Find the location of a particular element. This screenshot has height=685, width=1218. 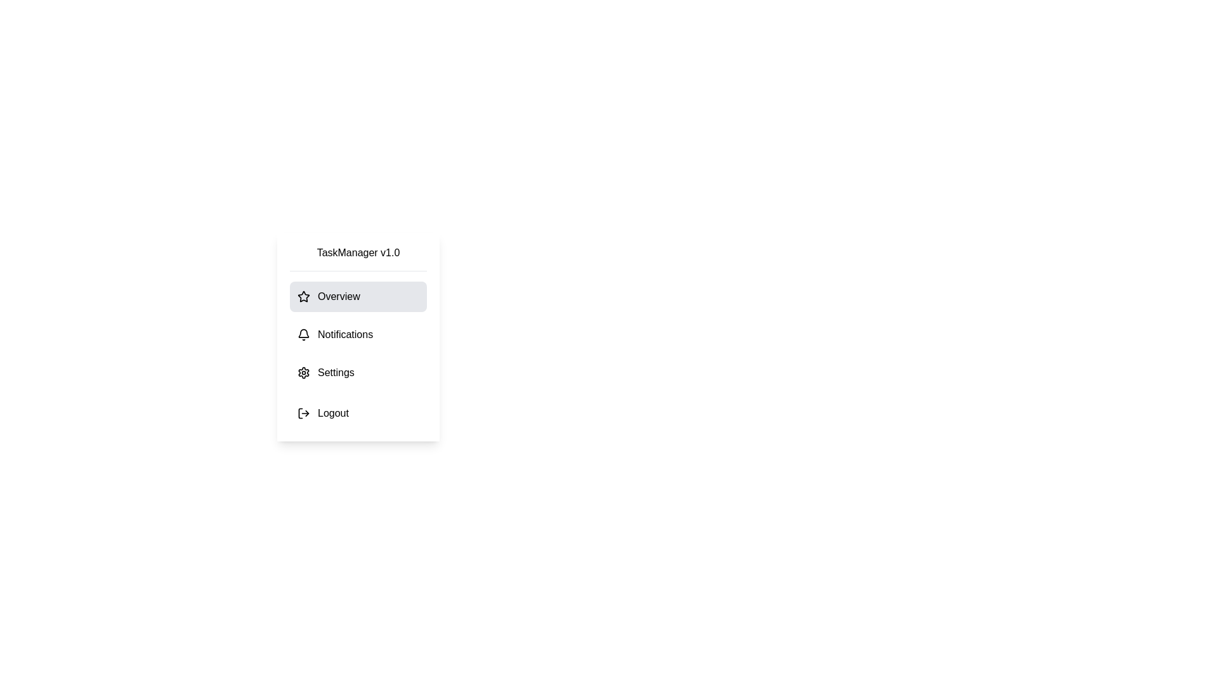

the logout icon located at the bottommost entry of the vertical menu, visually aligned with the text label 'Logout' is located at coordinates (303, 413).